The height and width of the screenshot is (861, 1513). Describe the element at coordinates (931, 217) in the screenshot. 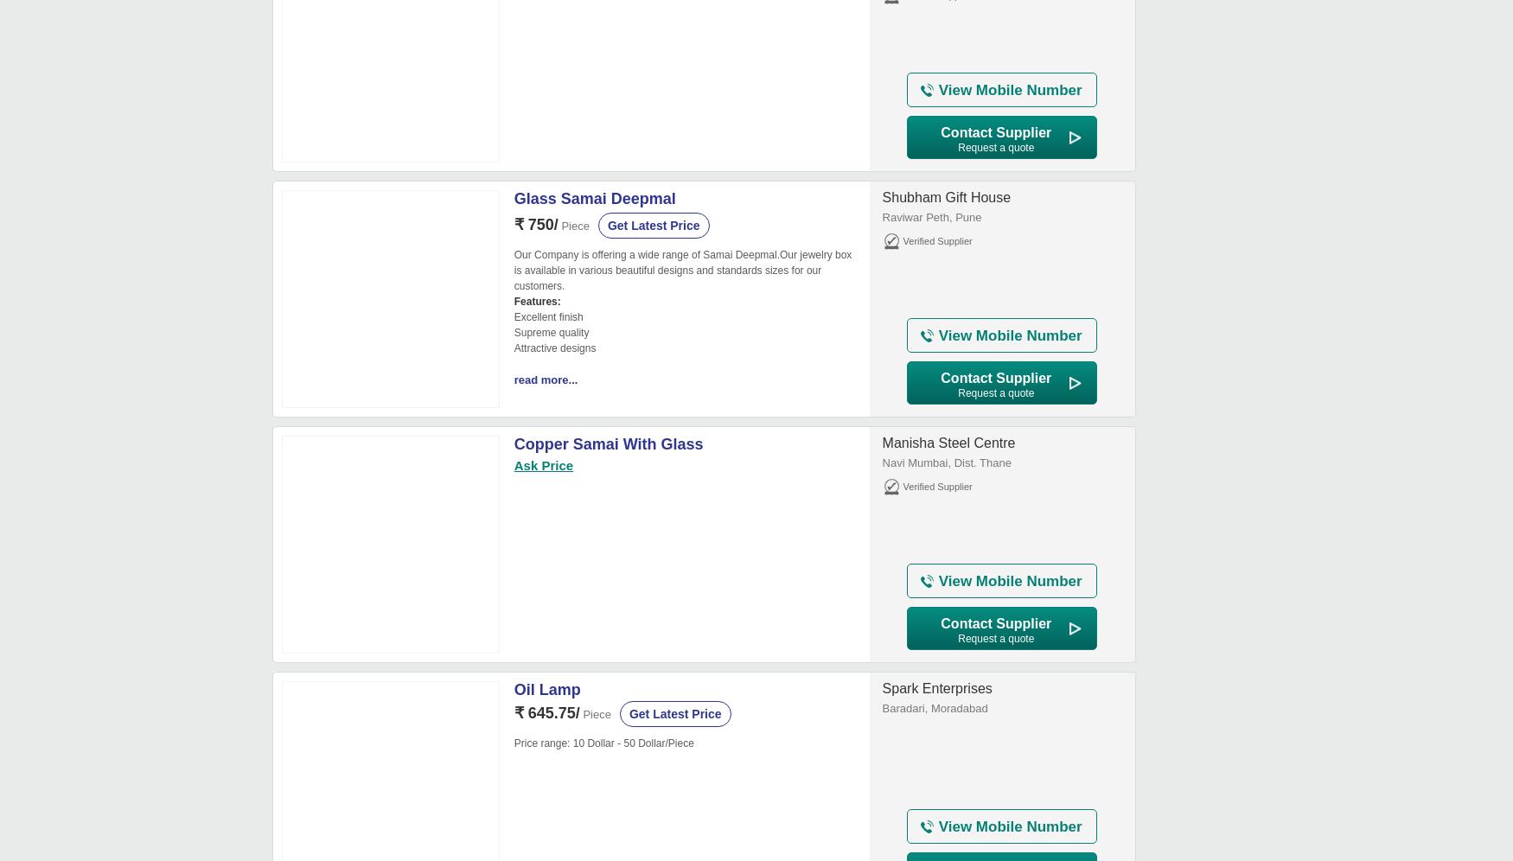

I see `'Raviwar Peth, Pune'` at that location.